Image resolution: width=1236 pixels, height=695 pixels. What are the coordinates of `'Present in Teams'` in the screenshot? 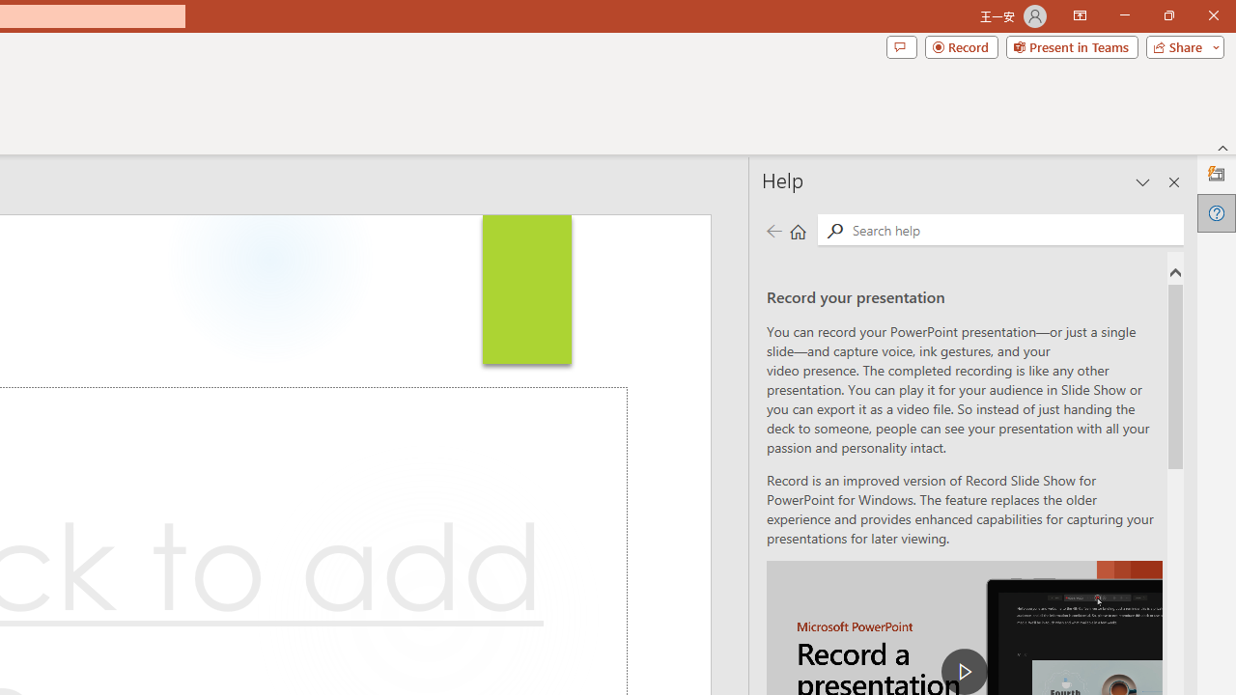 It's located at (1071, 45).